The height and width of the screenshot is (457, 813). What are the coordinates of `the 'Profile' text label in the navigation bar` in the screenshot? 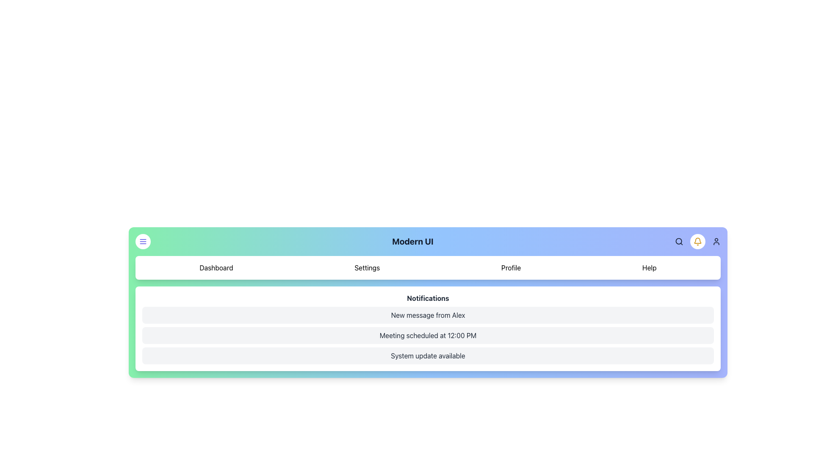 It's located at (511, 267).